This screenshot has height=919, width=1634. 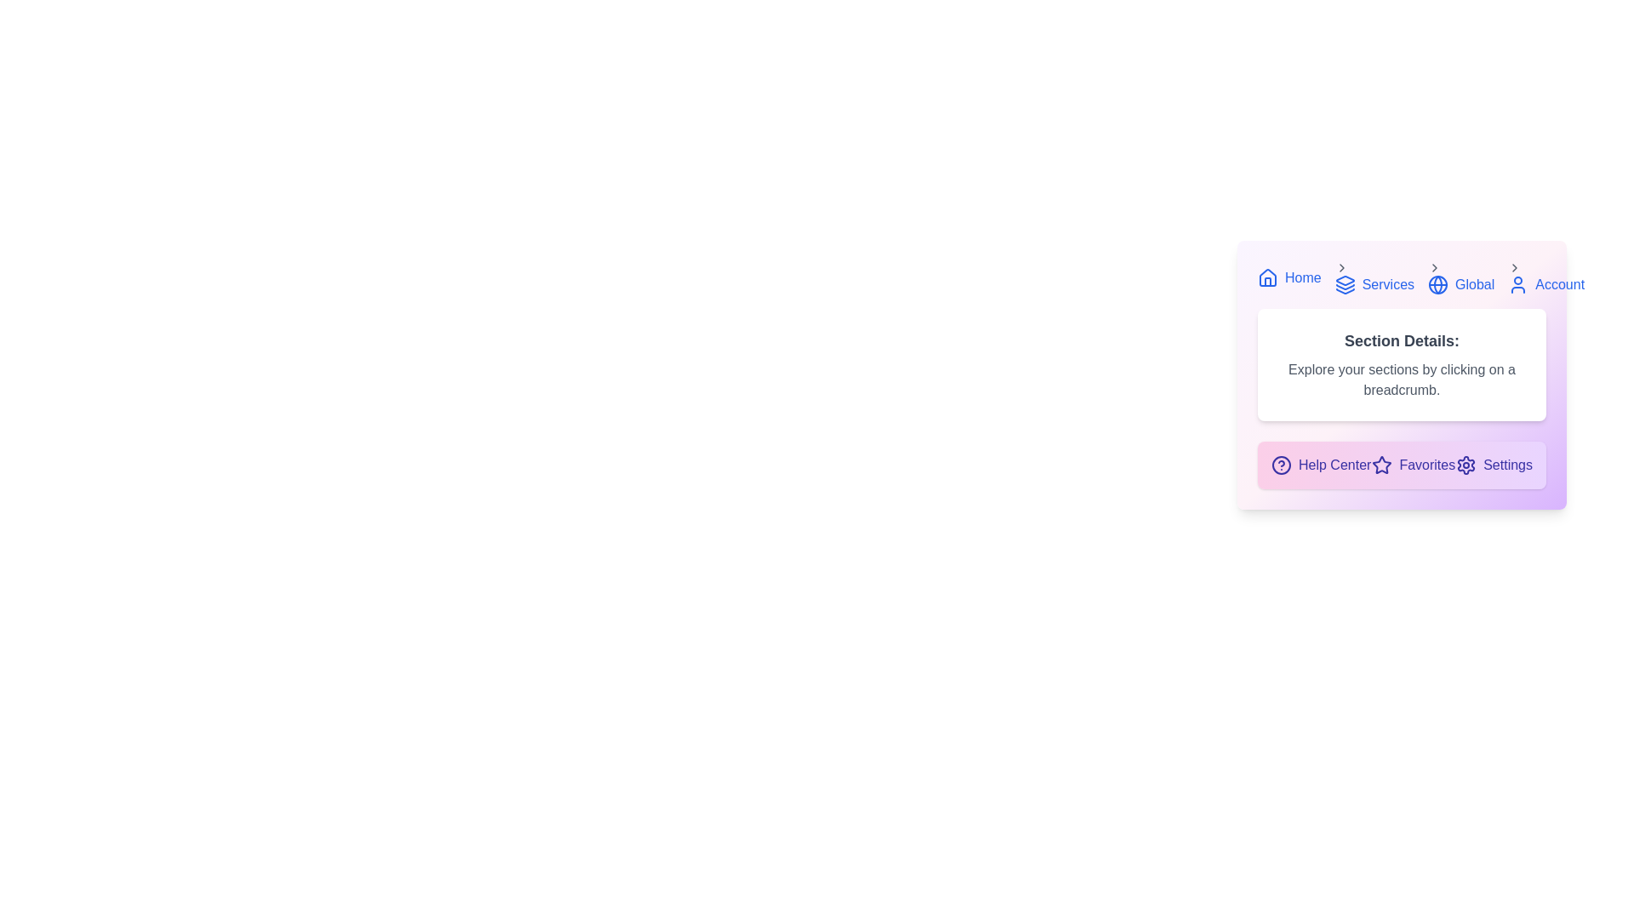 What do you see at coordinates (1388, 284) in the screenshot?
I see `the 'Services' text label in the breadcrumb component to trigger the underline effect` at bounding box center [1388, 284].